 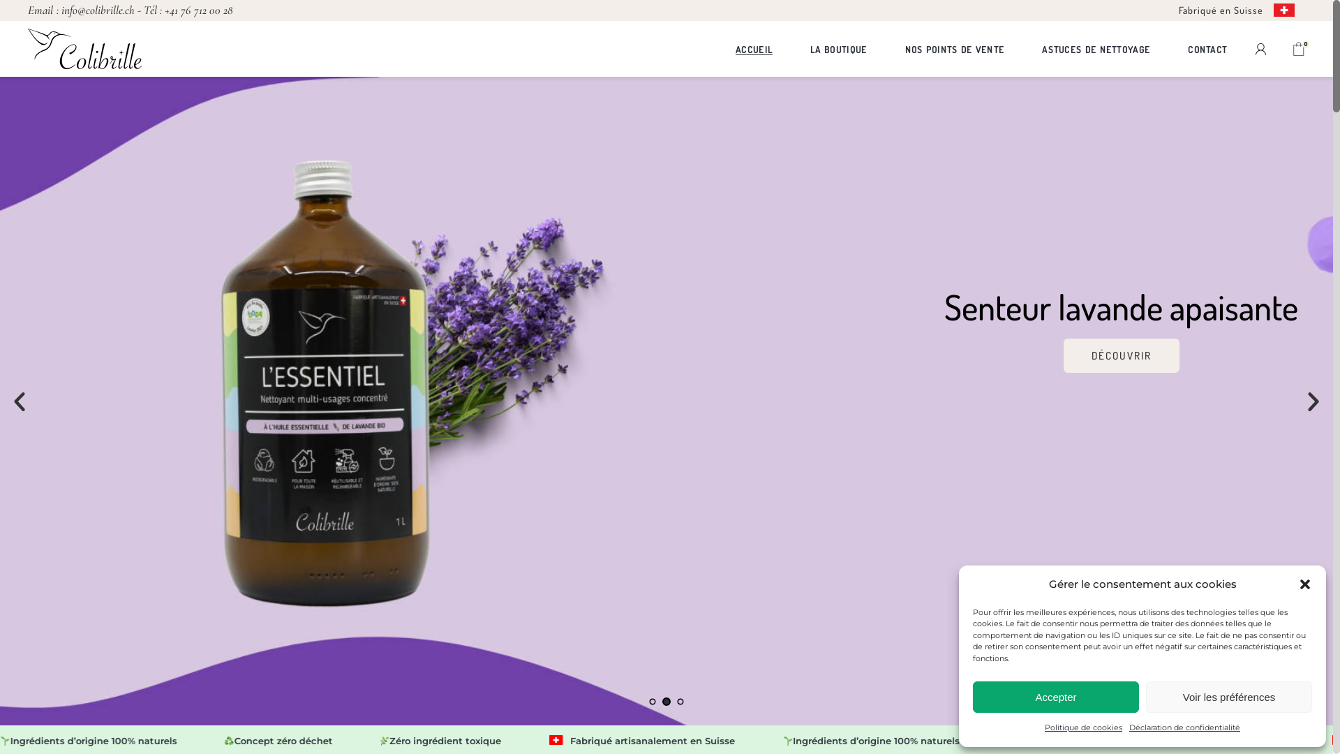 I want to click on '+41 76 712 00 28', so click(x=164, y=10).